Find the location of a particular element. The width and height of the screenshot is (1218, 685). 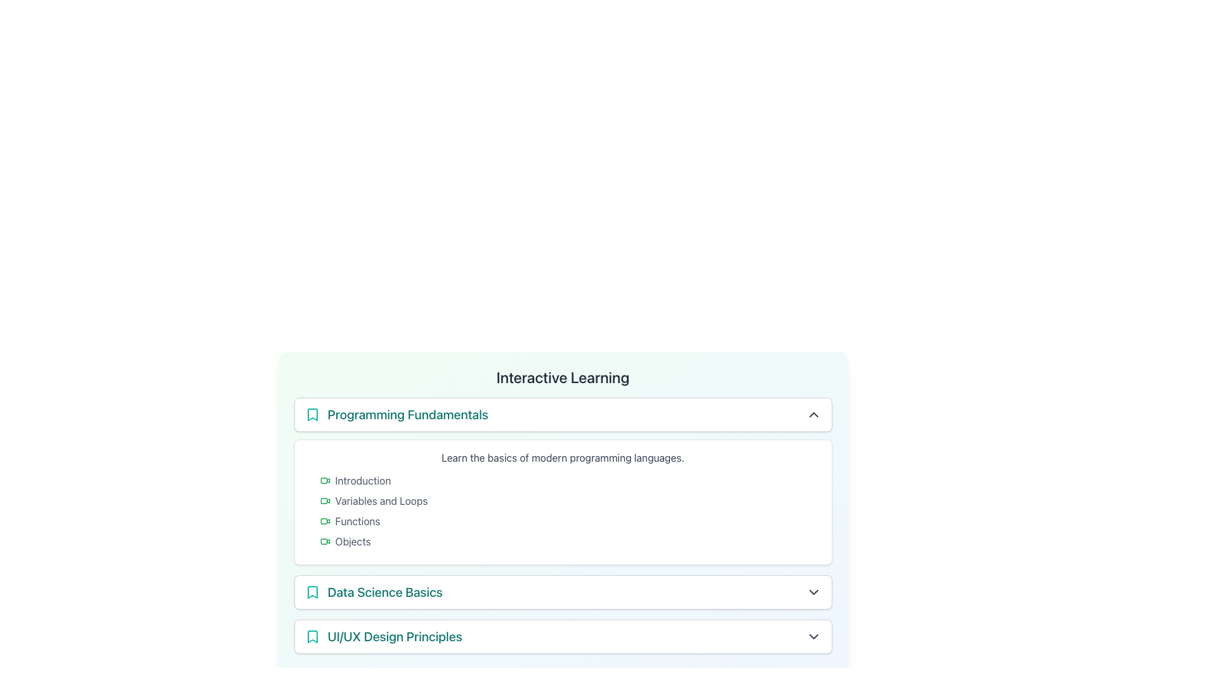

text label titled 'Introduction', which is the first item under 'Programming Fundamentals' and located to the right of a green icon is located at coordinates (362, 481).